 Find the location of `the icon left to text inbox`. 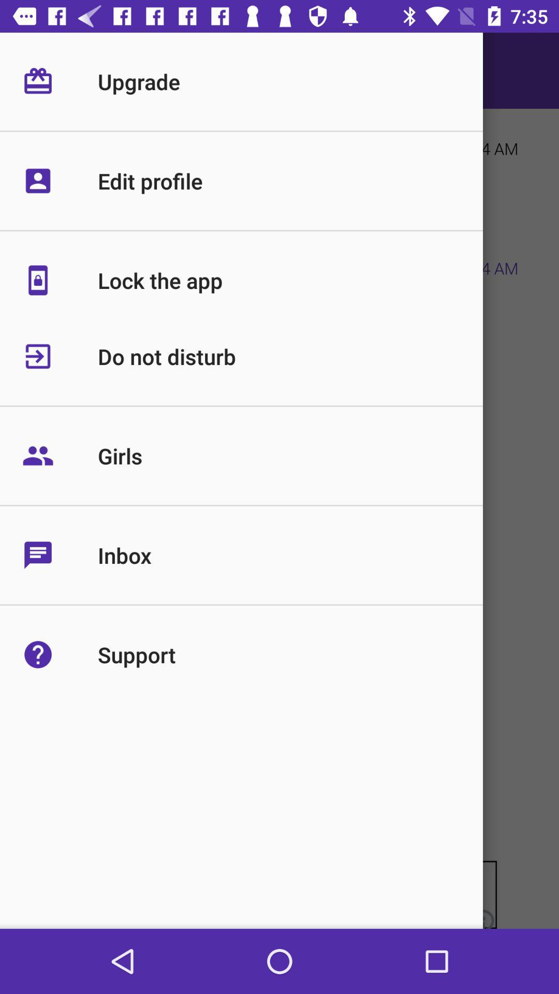

the icon left to text inbox is located at coordinates (60, 554).